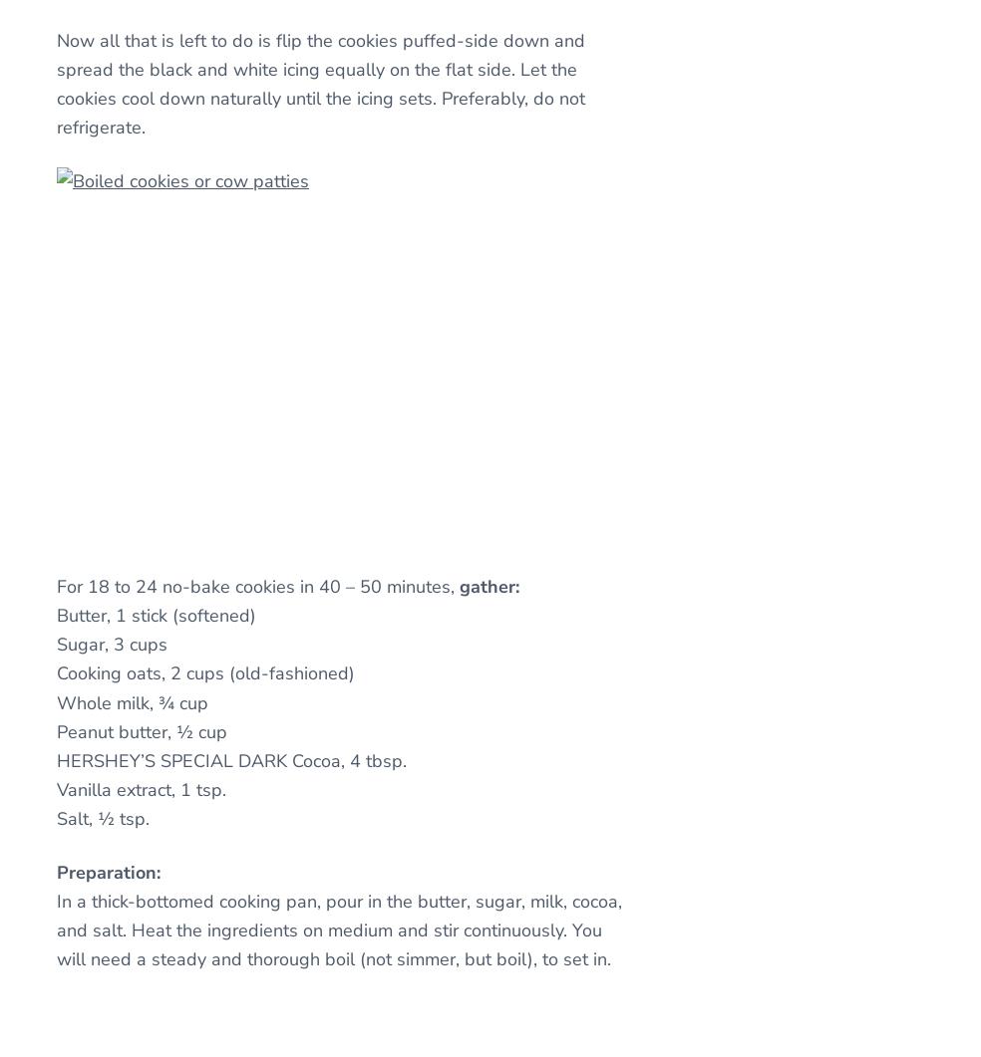  Describe the element at coordinates (55, 83) in the screenshot. I see `'Now all that is left to do is flip the cookies puffed-side down and spread the black and white icing equally on the flat side. Let the cookies cool down naturally until the icing sets. Preferably, do not refrigerate.'` at that location.